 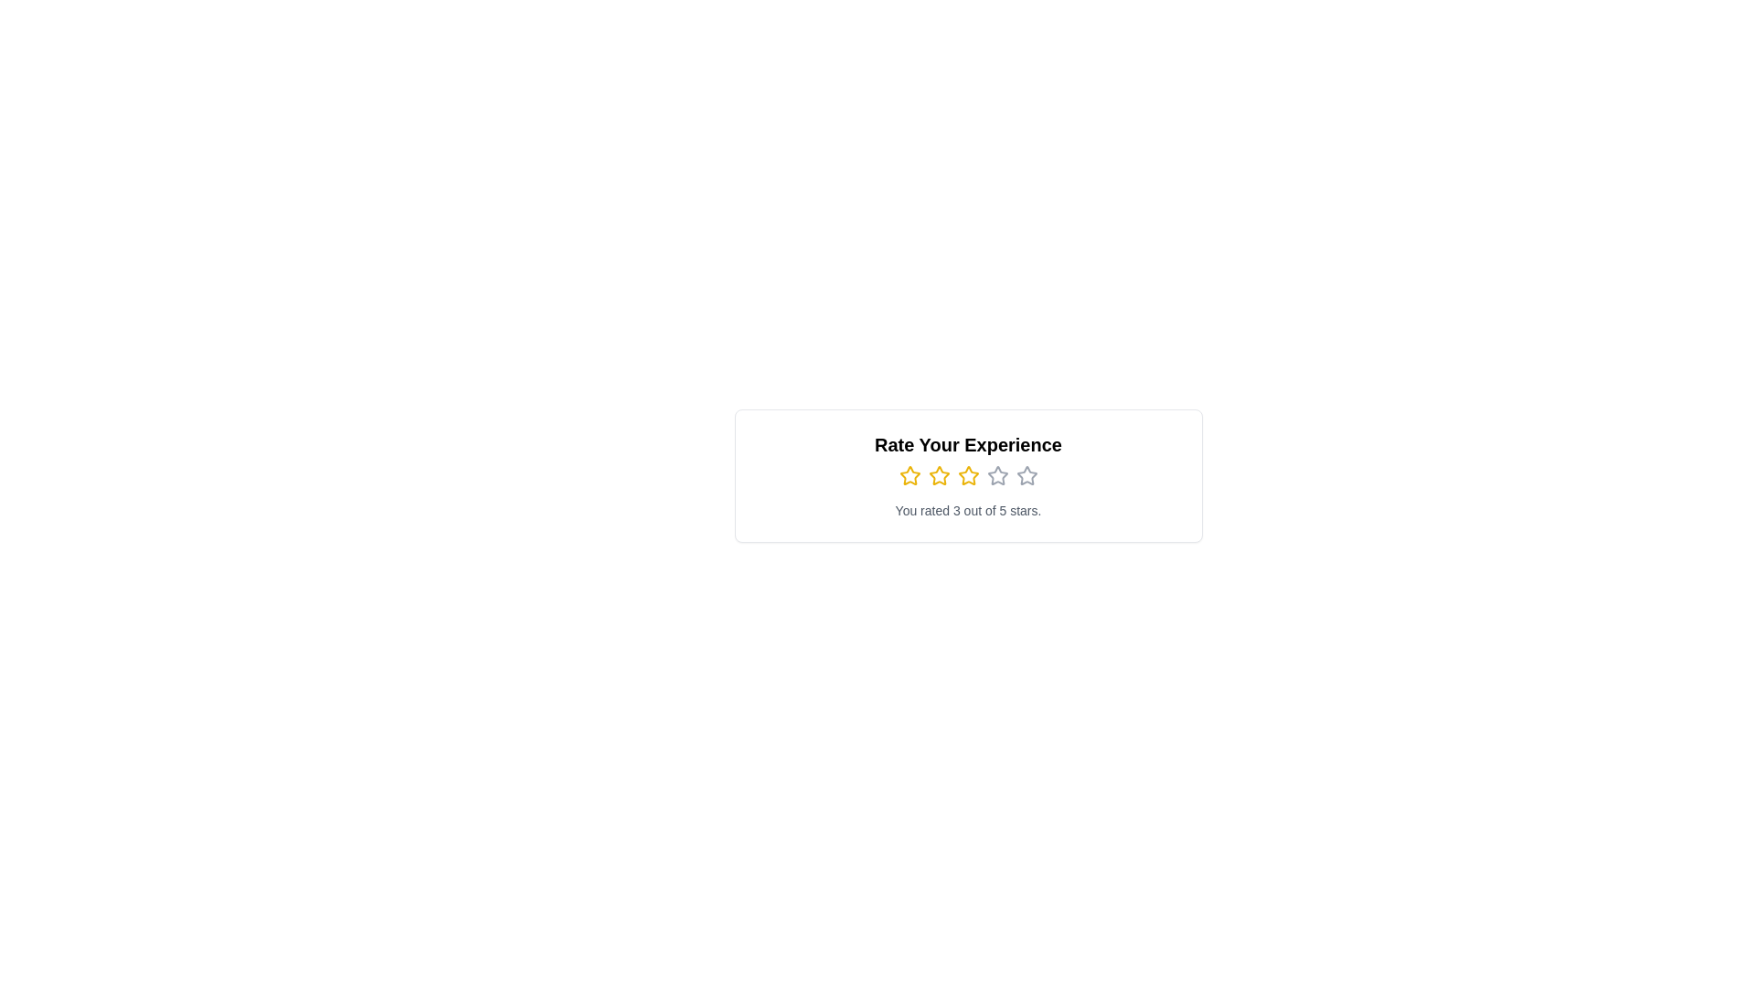 I want to click on the fourth star icon in the rating widget to provide a rating of 4 out of 5, located directly under the text 'Rate Your Experience.', so click(x=1026, y=474).